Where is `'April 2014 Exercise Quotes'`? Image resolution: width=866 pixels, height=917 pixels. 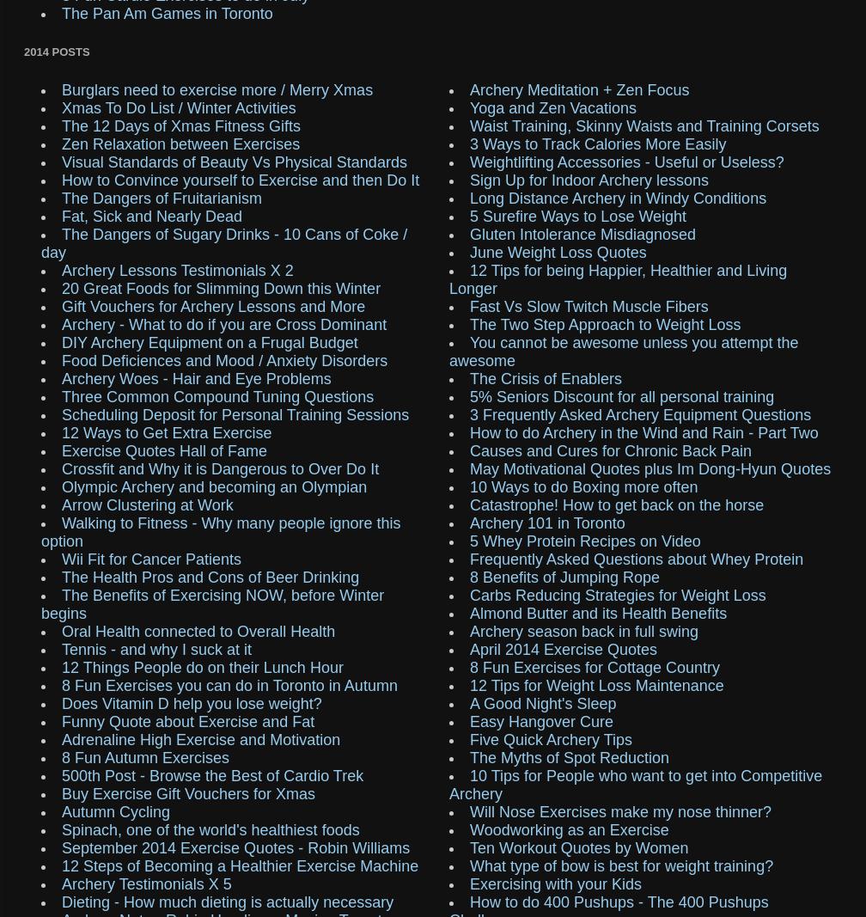
'April 2014 Exercise Quotes' is located at coordinates (563, 648).